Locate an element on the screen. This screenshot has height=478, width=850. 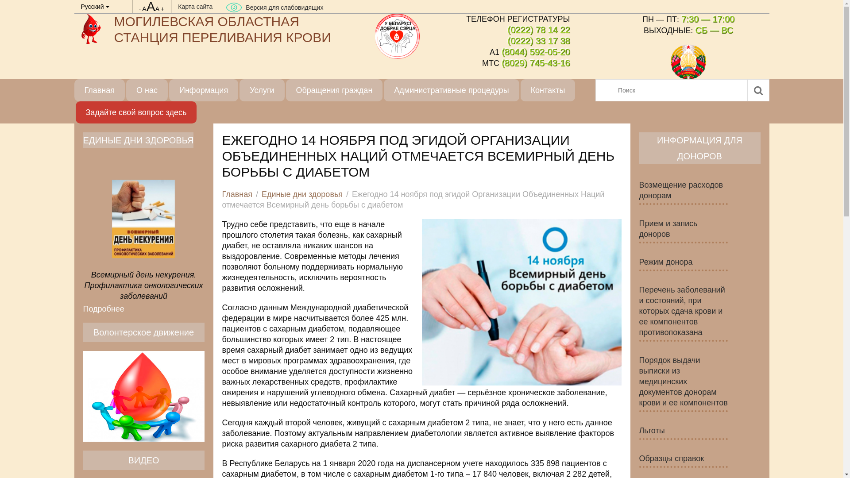
'-' is located at coordinates (139, 8).